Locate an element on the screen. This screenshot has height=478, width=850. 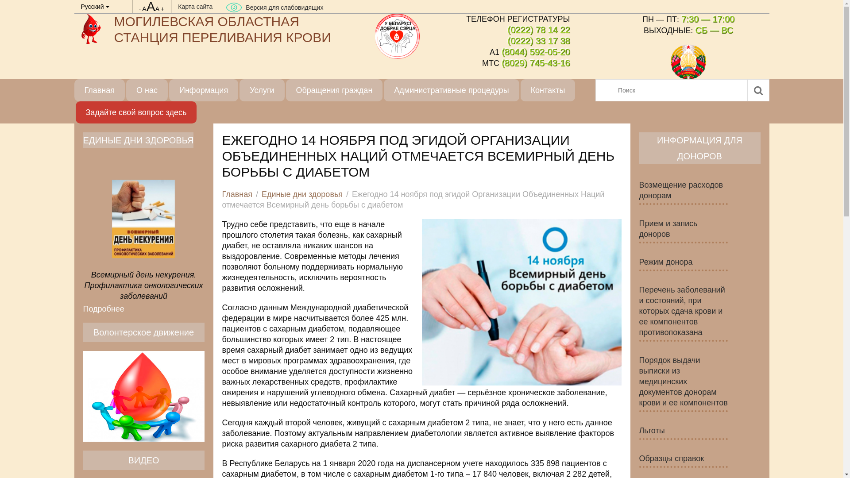
'-' is located at coordinates (139, 8).